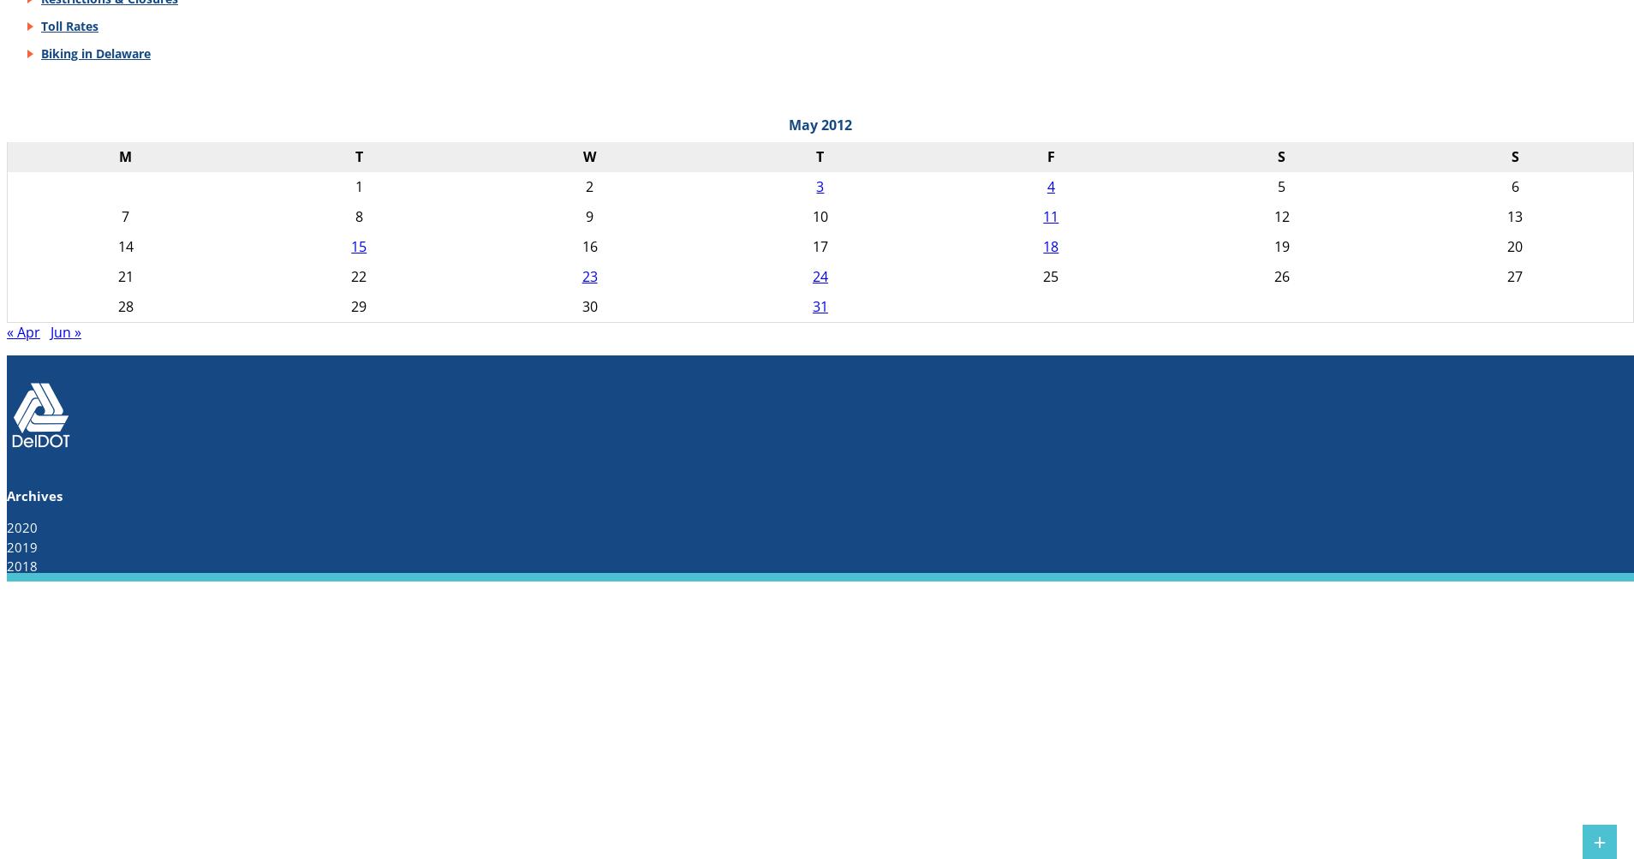 This screenshot has width=1634, height=859. Describe the element at coordinates (94, 52) in the screenshot. I see `'Biking in Delaware'` at that location.